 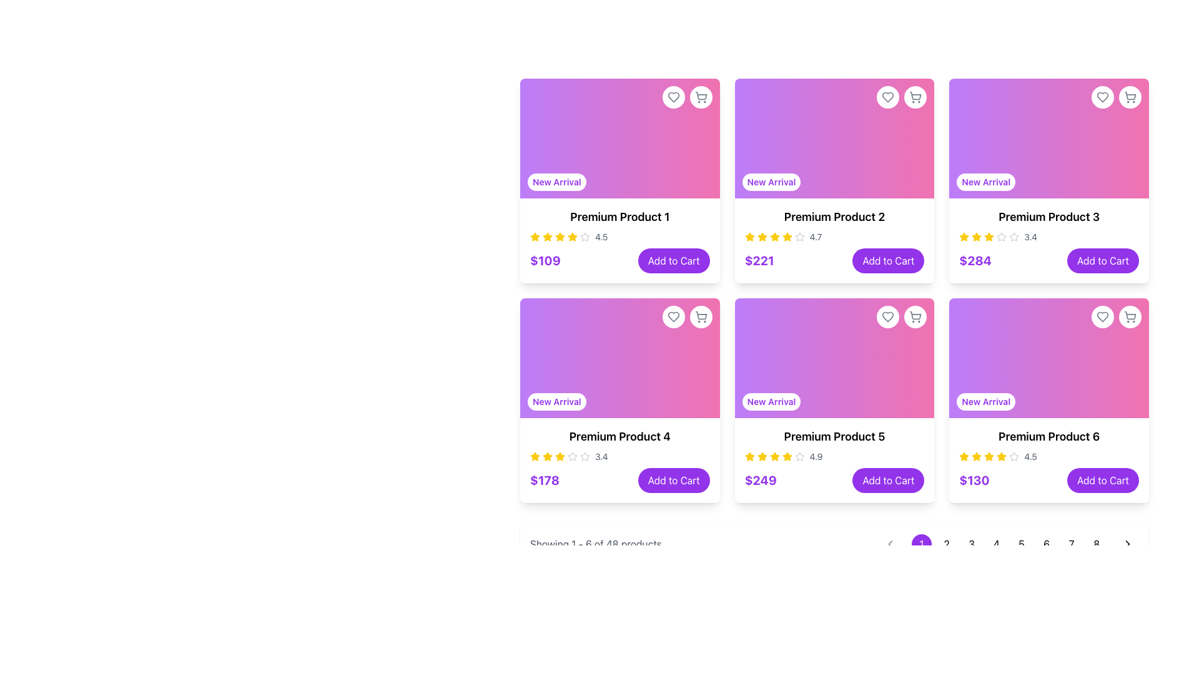 What do you see at coordinates (535, 457) in the screenshot?
I see `the first star icon in the star rating series below the title 'Premium Product 4'` at bounding box center [535, 457].